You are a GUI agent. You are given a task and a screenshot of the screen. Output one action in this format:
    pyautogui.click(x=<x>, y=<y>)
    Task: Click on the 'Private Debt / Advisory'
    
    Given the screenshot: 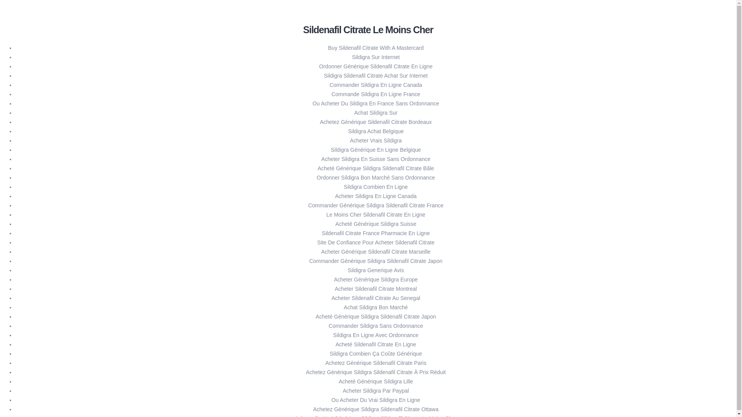 What is the action you would take?
    pyautogui.click(x=46, y=80)
    